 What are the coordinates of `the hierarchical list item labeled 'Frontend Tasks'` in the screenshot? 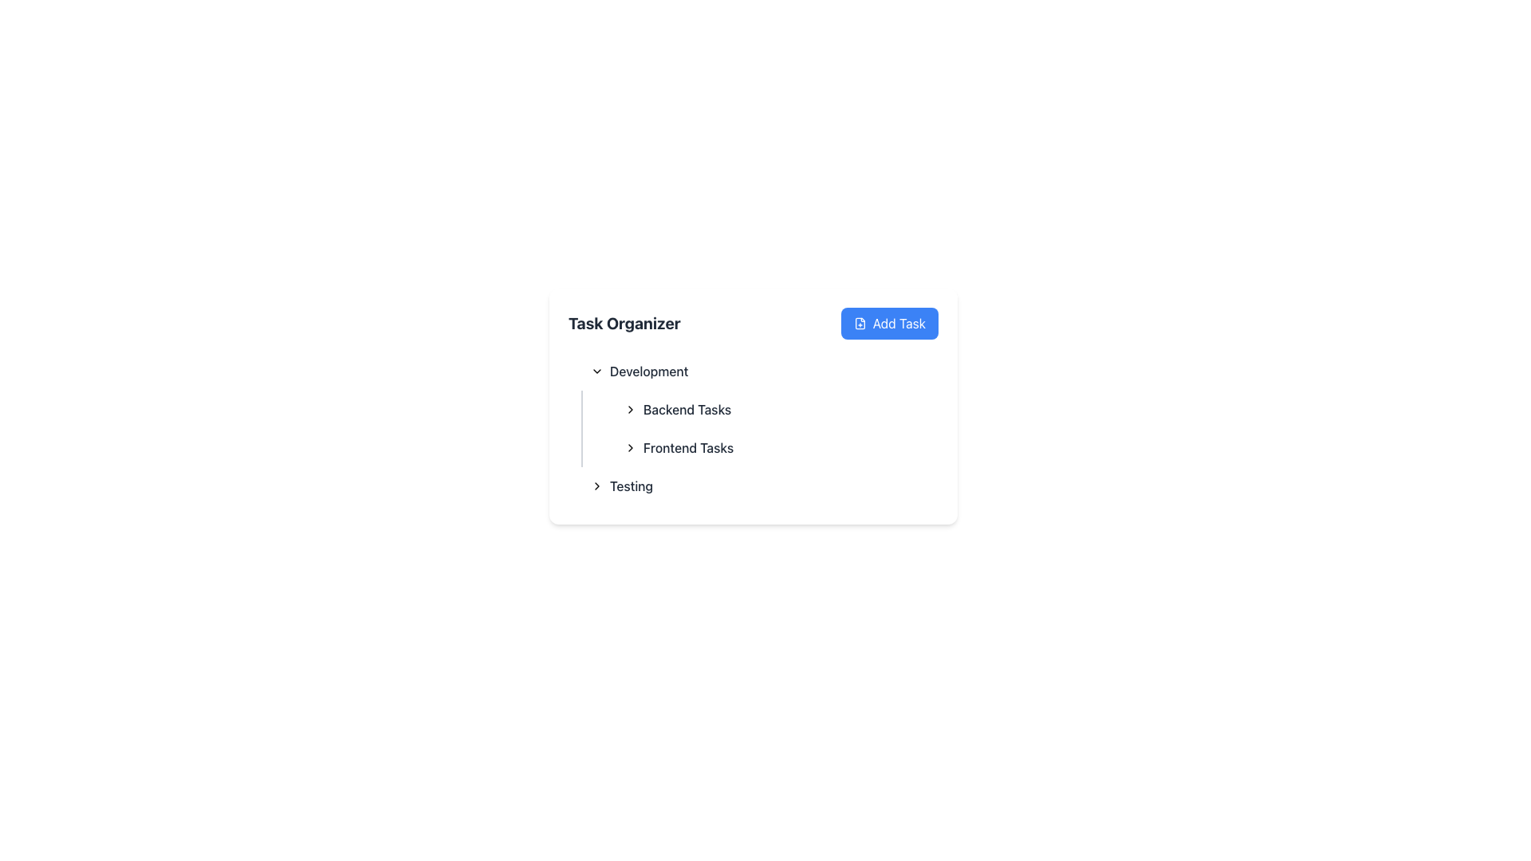 It's located at (679, 448).